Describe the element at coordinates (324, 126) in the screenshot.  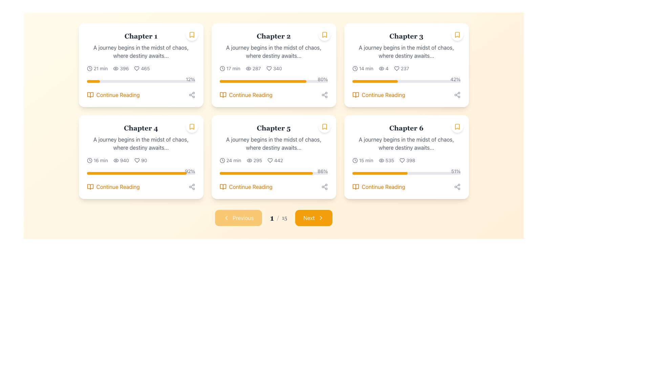
I see `the bookmark icon located in the top-right corner of the 'Chapter 5' card` at that location.